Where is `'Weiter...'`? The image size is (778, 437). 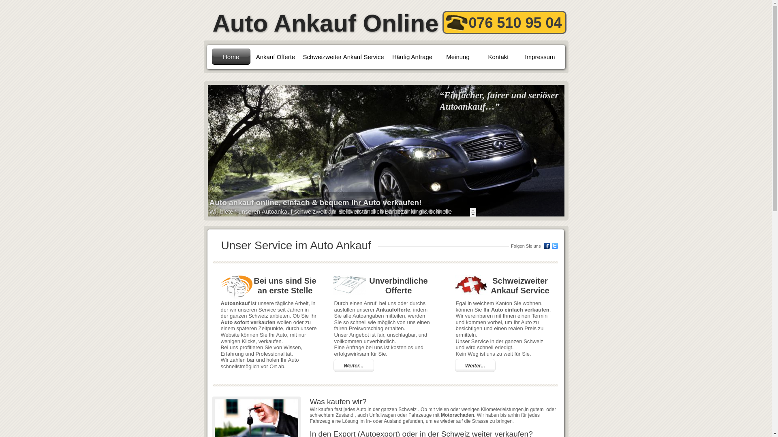
'Weiter...' is located at coordinates (344, 365).